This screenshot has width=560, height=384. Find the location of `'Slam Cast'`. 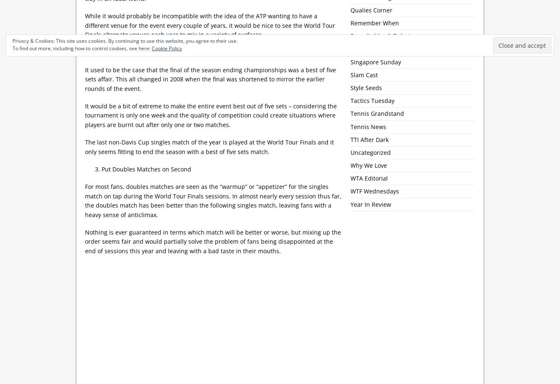

'Slam Cast' is located at coordinates (364, 74).